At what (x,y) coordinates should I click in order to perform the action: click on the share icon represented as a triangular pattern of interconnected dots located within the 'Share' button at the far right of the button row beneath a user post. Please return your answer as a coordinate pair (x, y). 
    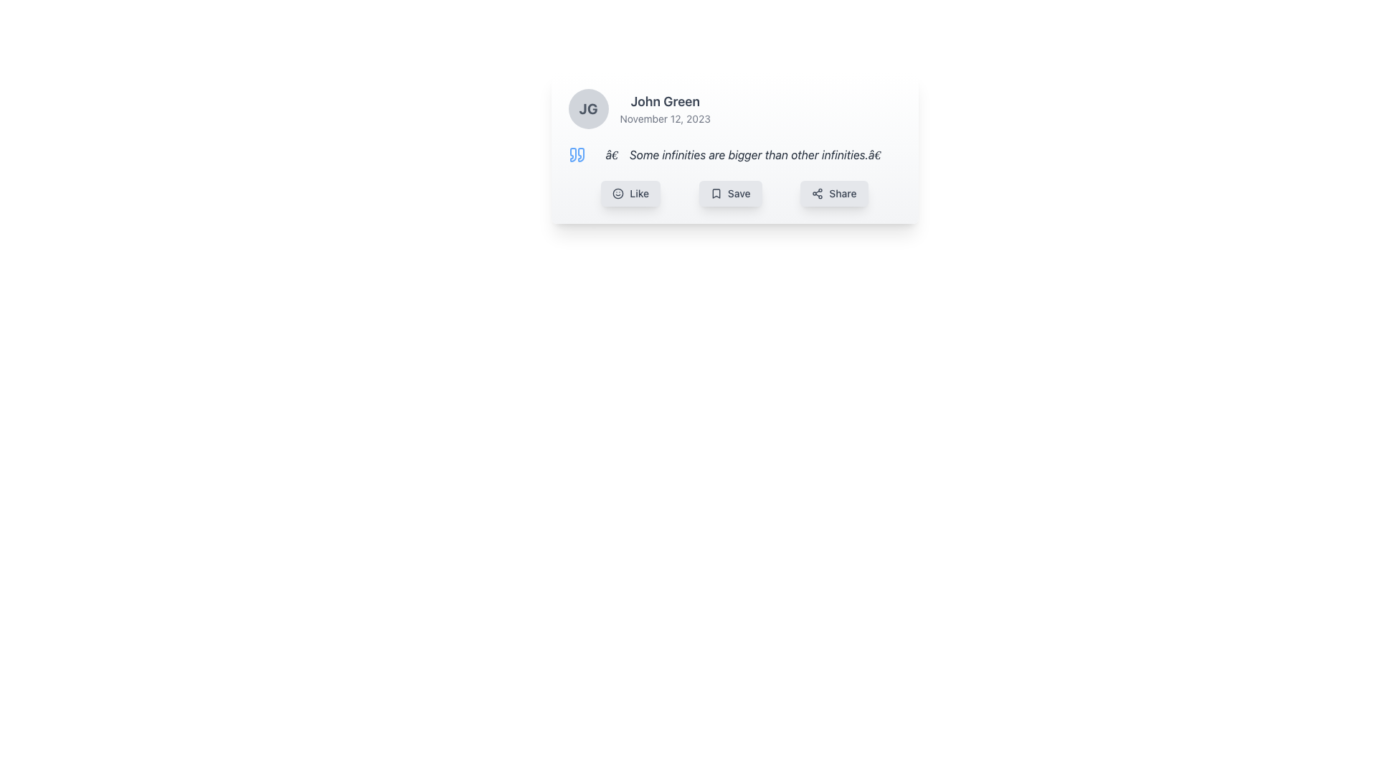
    Looking at the image, I should click on (818, 194).